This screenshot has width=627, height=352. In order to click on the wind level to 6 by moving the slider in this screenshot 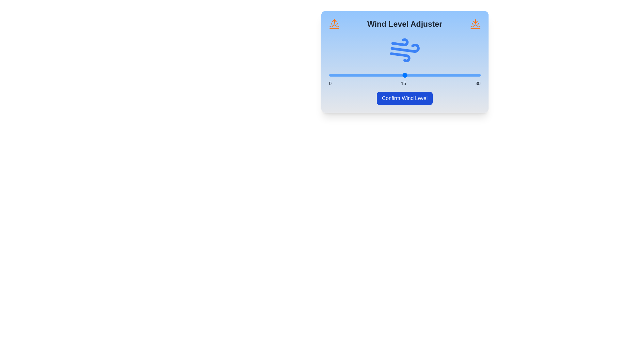, I will do `click(359, 75)`.